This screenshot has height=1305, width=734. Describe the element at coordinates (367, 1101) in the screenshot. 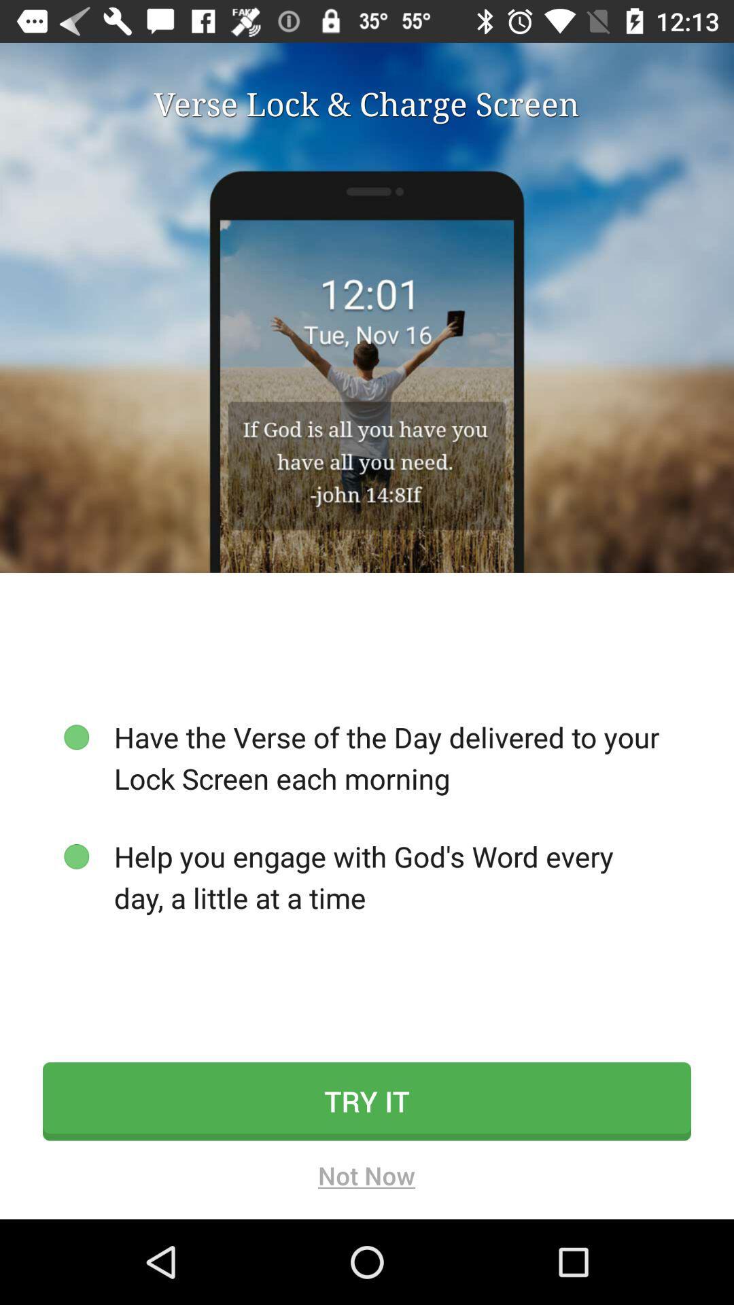

I see `try it` at that location.